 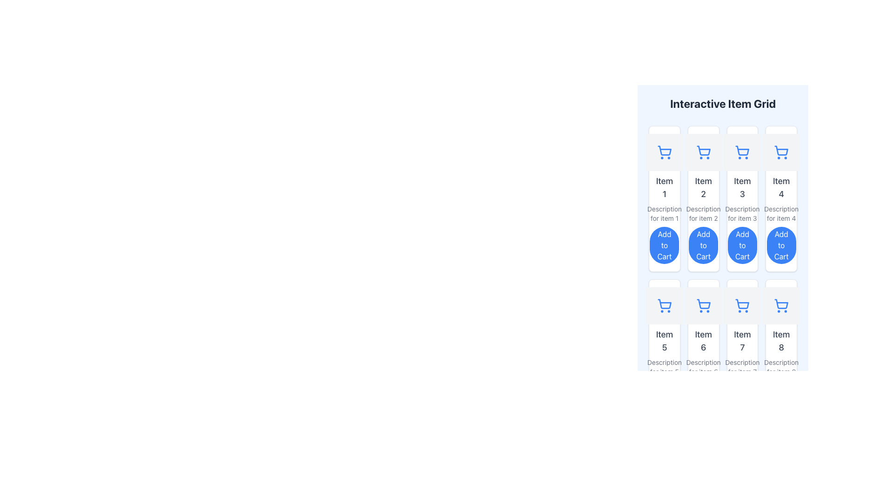 I want to click on the shopping cart icon with a blue outline in the second column of the top row, so click(x=703, y=152).